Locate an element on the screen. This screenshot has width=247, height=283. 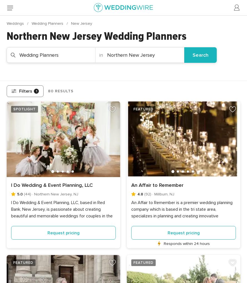
'I Do Wedding & Event Planning, LLC' is located at coordinates (52, 185).